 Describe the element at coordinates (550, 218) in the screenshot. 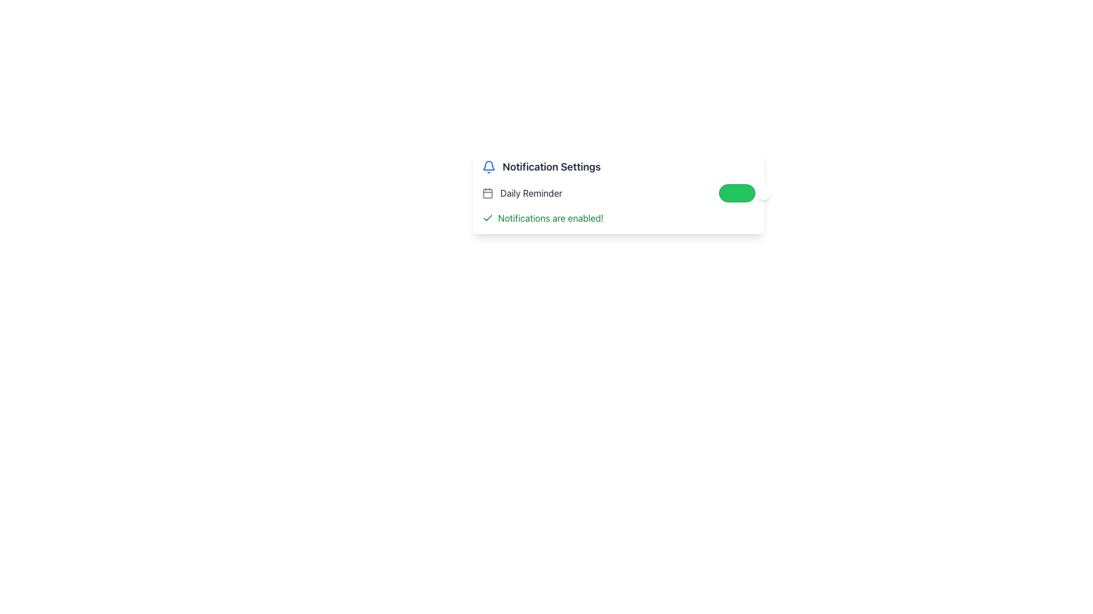

I see `the static text element displaying 'Notifications are enabled!' in green color, which indicates a status message in the notification settings section` at that location.